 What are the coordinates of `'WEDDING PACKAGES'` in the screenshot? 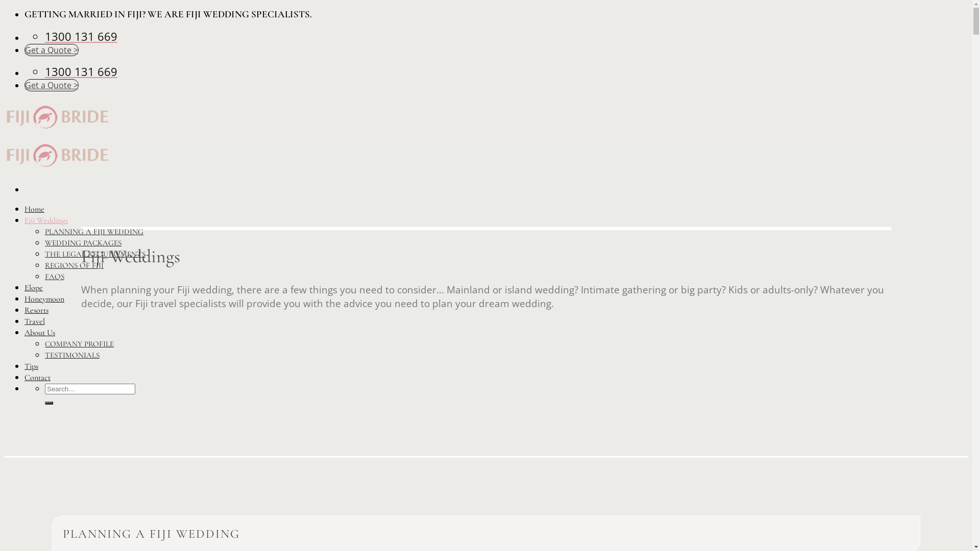 It's located at (83, 242).